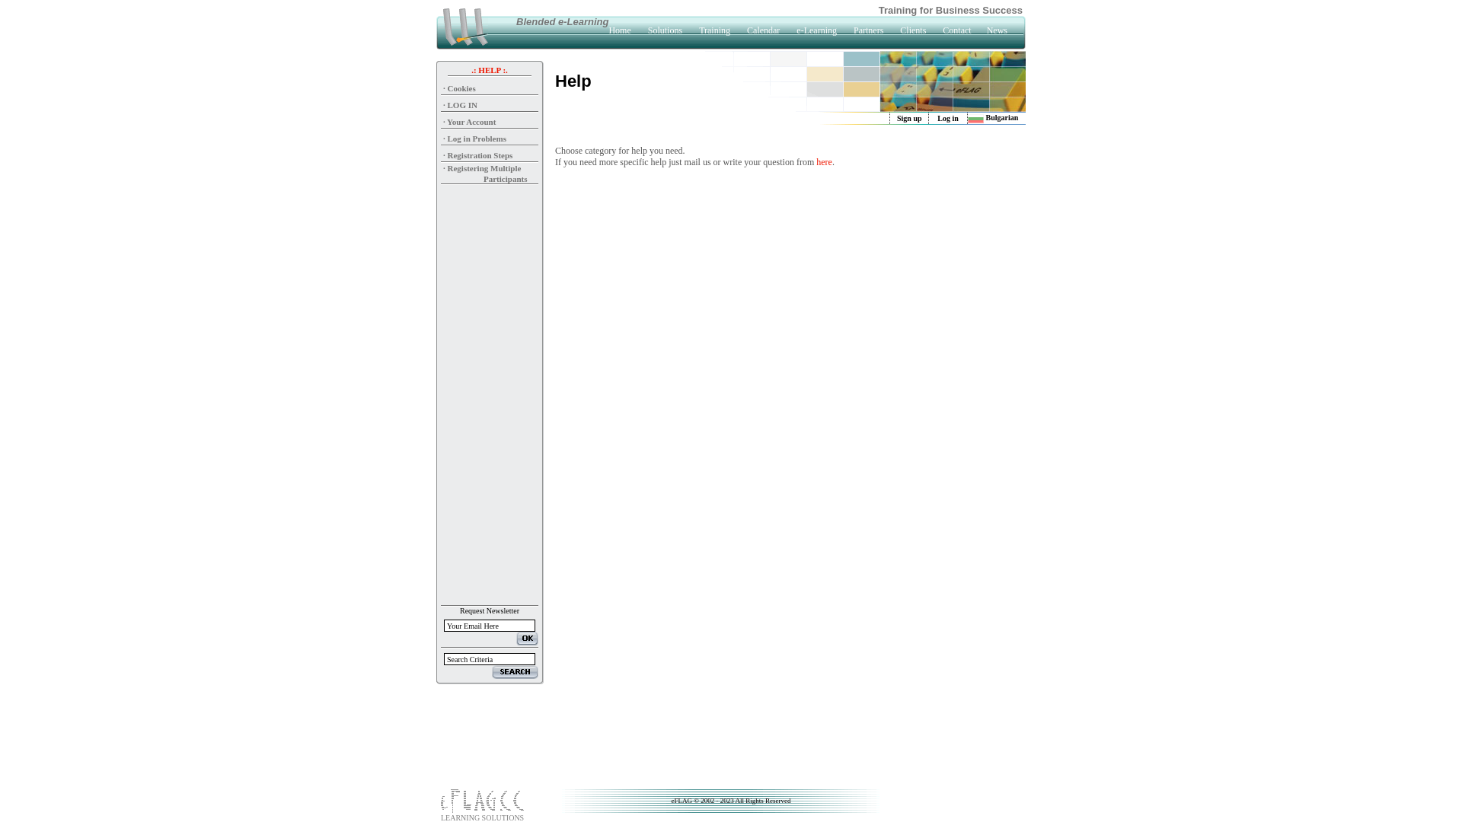 Image resolution: width=1462 pixels, height=822 pixels. Describe the element at coordinates (823, 161) in the screenshot. I see `'here'` at that location.